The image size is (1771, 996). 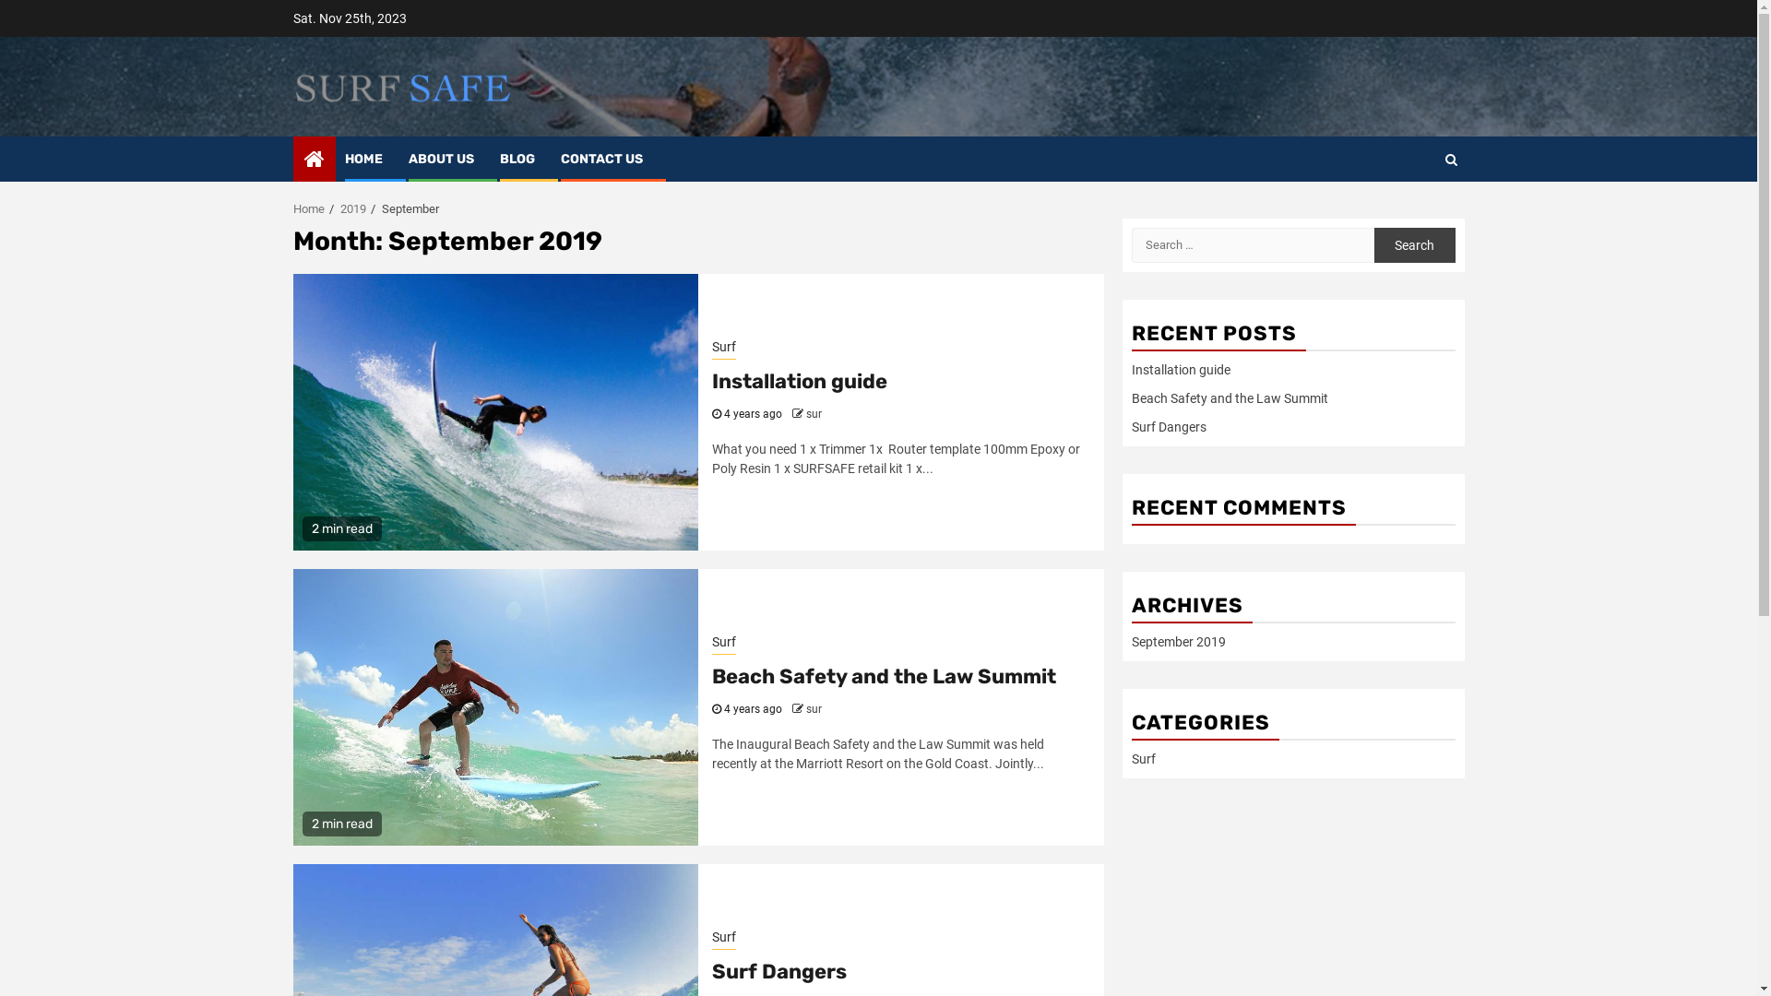 What do you see at coordinates (517, 158) in the screenshot?
I see `'BLOG'` at bounding box center [517, 158].